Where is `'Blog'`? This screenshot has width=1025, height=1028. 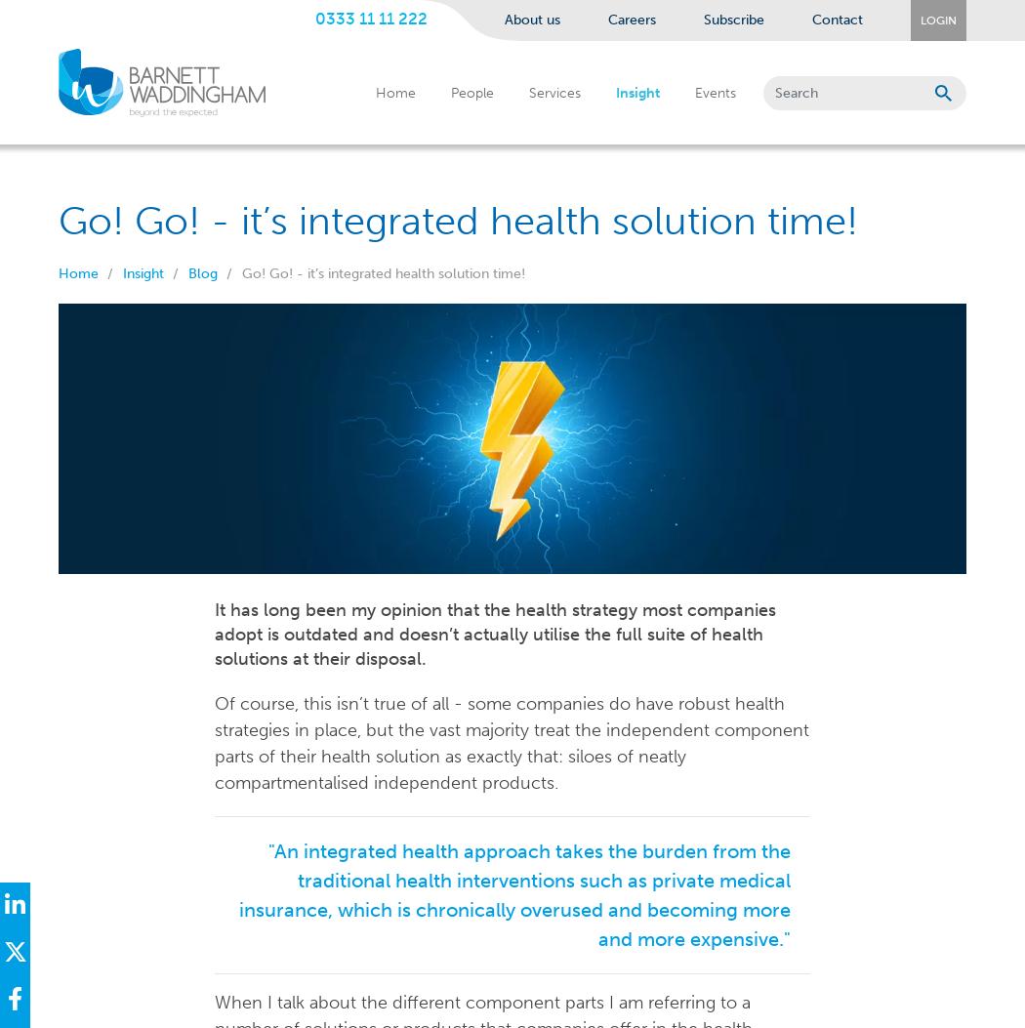 'Blog' is located at coordinates (202, 272).